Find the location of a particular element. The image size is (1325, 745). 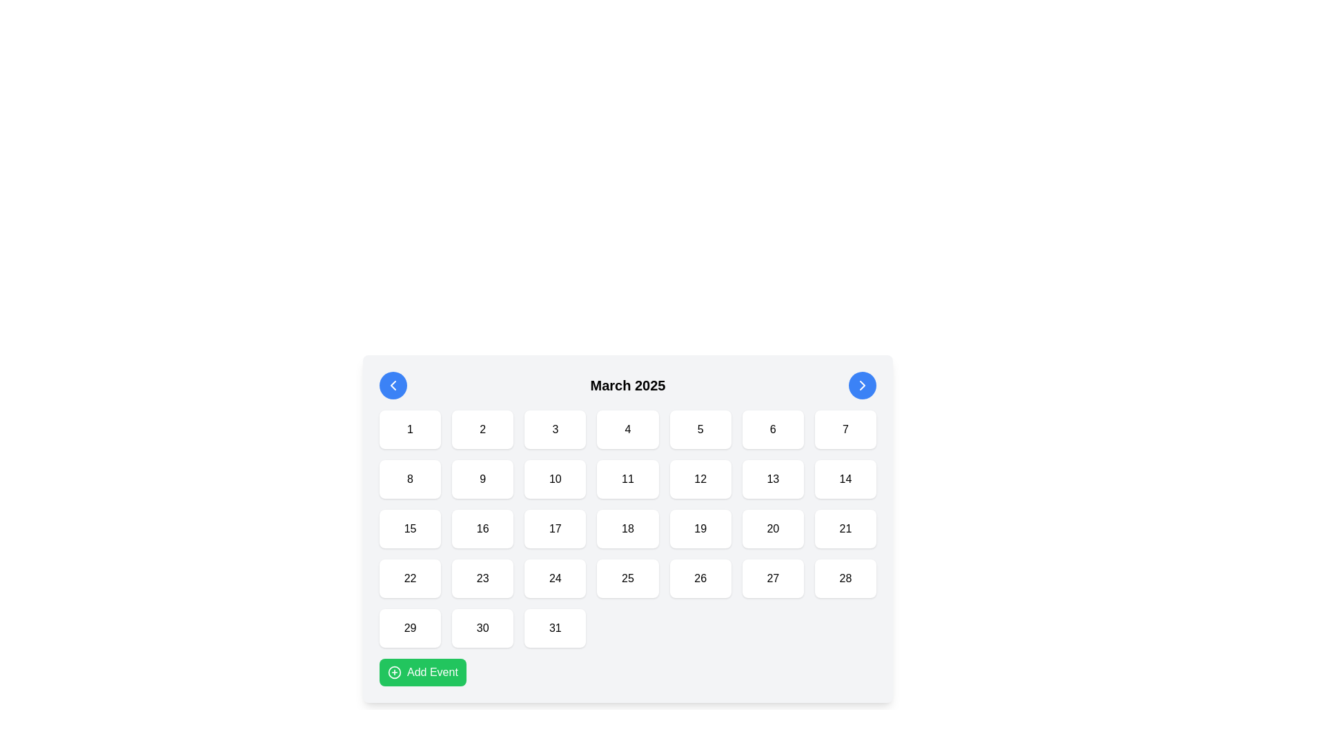

the grid cell representing the 22nd day of the month, located in the fourth row and first column of the calendar grid is located at coordinates (409, 579).